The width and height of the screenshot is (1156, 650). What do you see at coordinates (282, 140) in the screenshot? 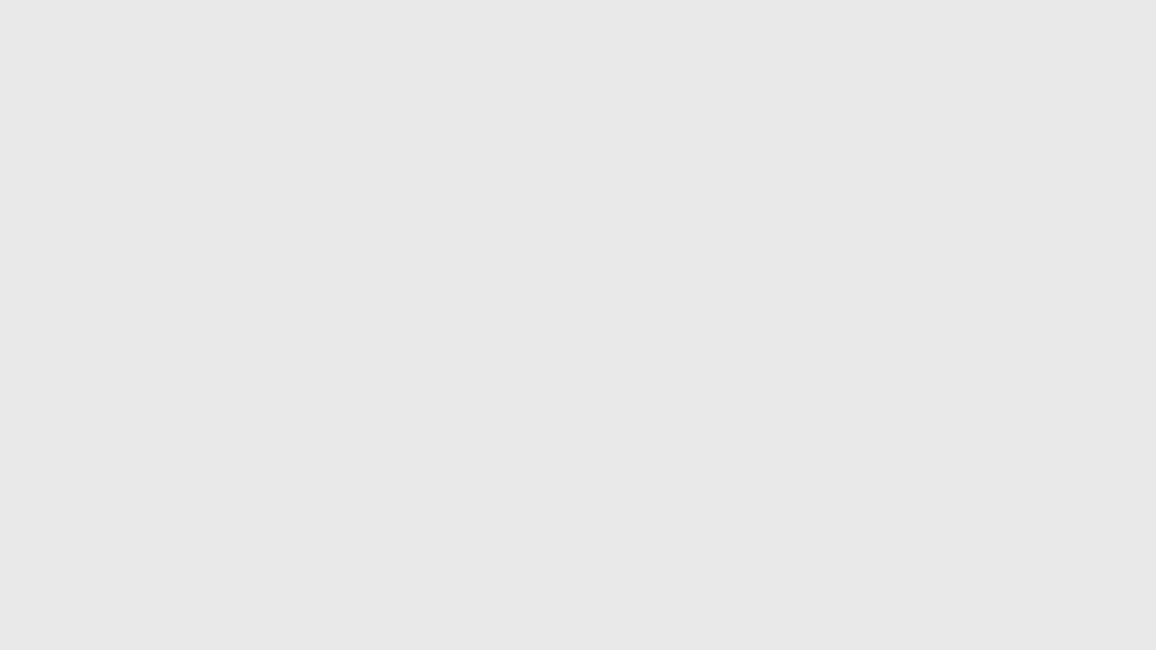
I see `Send to` at bounding box center [282, 140].